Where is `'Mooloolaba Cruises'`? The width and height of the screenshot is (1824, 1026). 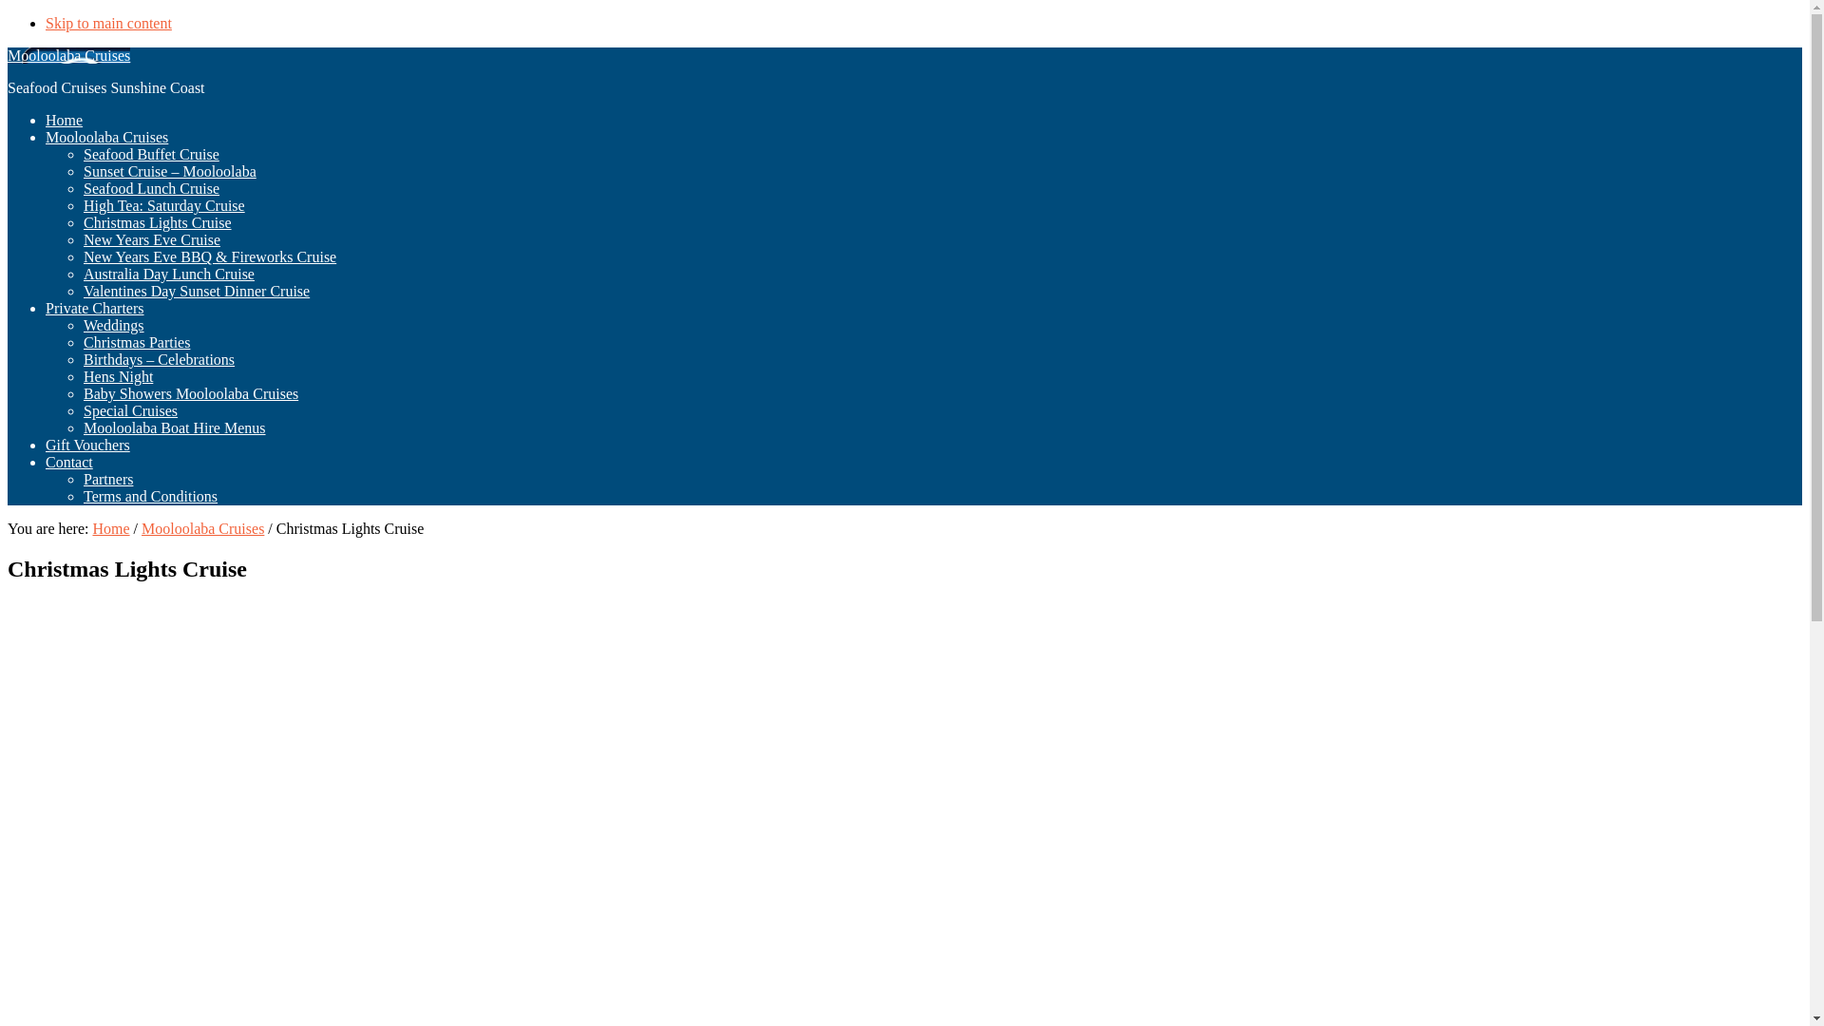
'Mooloolaba Cruises' is located at coordinates (105, 136).